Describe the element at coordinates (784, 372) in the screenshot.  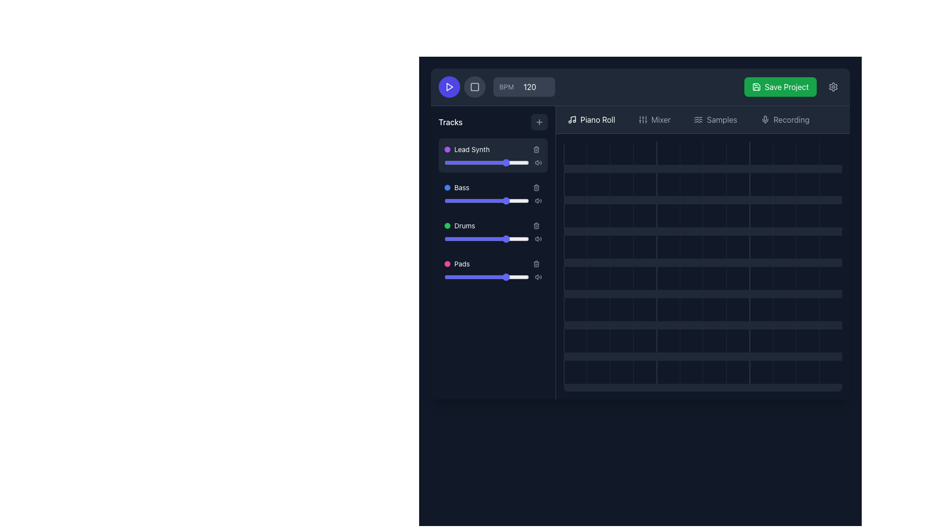
I see `the interactive grid cell located in the last row and ninth column of the grid to observe the visual feedback on hover` at that location.